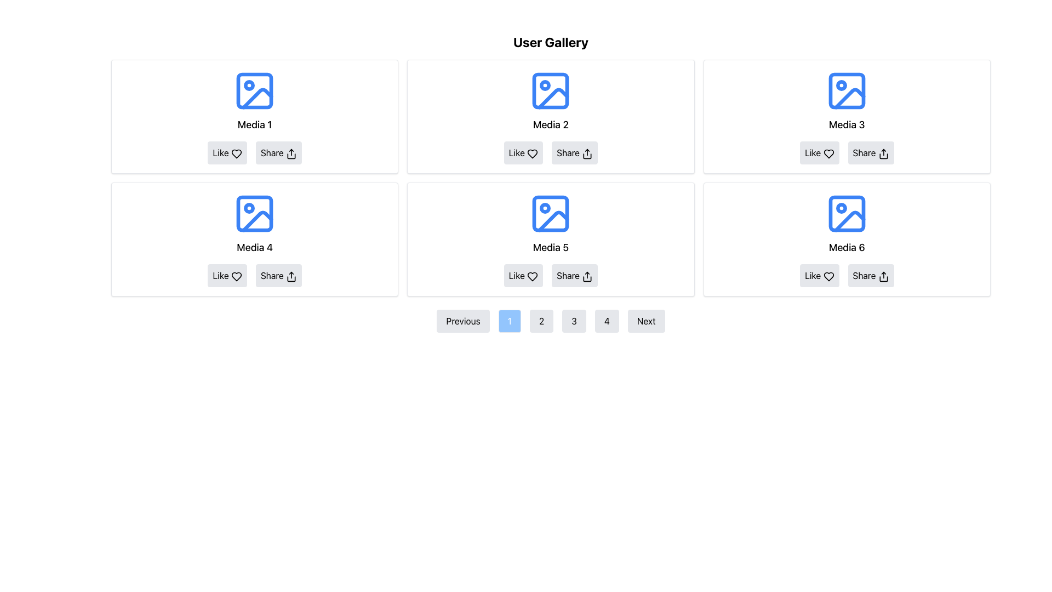 The image size is (1052, 592). What do you see at coordinates (574, 321) in the screenshot?
I see `the pagination control button that navigates to the third page, located between the buttons labeled '2' and '4'` at bounding box center [574, 321].